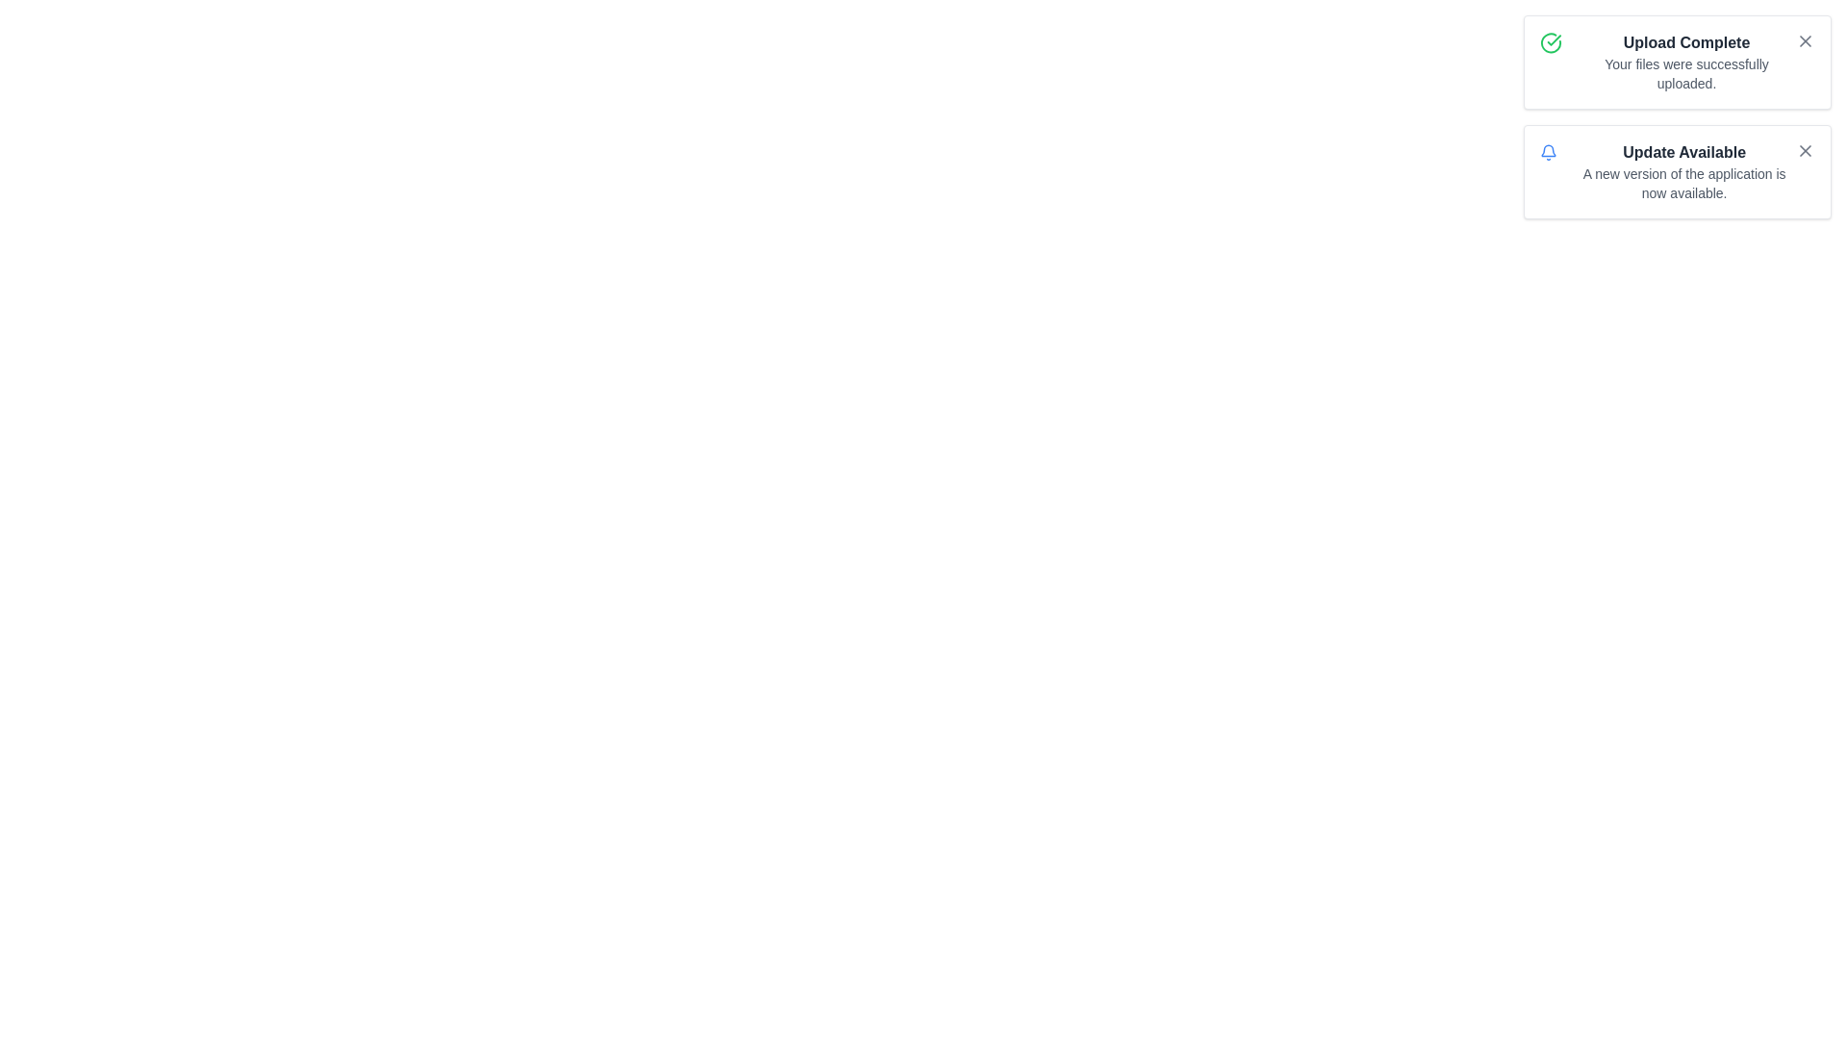  I want to click on the bell icon located at the top-left corner of the 'Update Available' notification card, so click(1549, 151).